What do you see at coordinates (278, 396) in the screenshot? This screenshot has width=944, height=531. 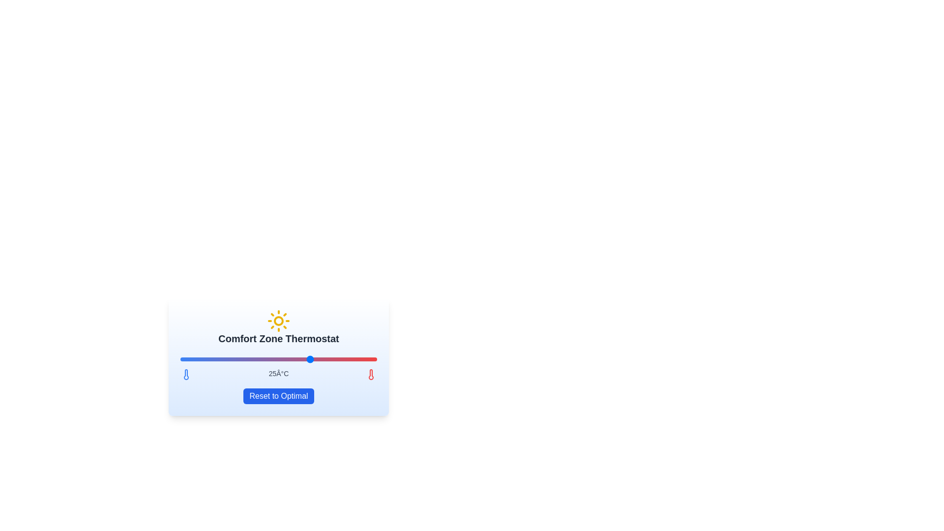 I see `the 'Reset to Optimal' button to reset the temperature to its optimal value` at bounding box center [278, 396].